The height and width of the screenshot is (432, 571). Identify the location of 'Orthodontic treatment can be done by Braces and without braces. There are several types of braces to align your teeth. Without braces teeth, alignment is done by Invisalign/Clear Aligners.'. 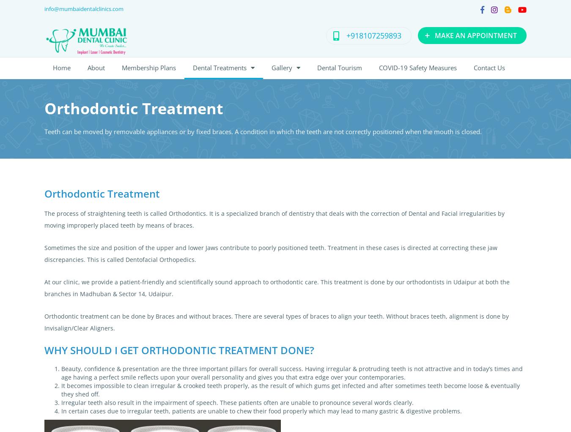
(276, 322).